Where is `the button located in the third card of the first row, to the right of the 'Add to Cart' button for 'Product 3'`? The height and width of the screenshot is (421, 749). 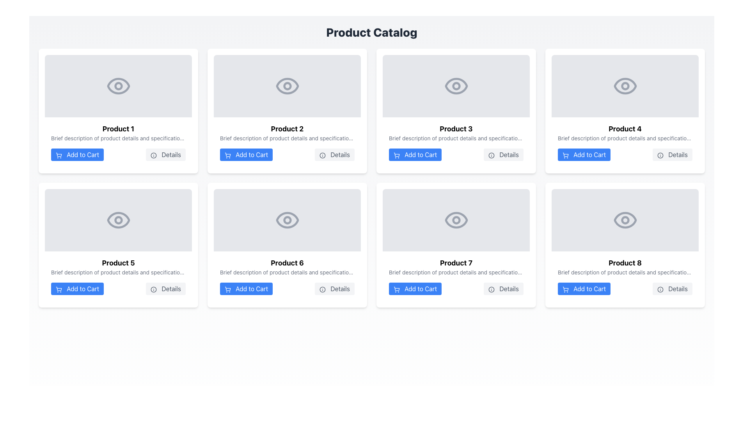
the button located in the third card of the first row, to the right of the 'Add to Cart' button for 'Product 3' is located at coordinates (504, 155).